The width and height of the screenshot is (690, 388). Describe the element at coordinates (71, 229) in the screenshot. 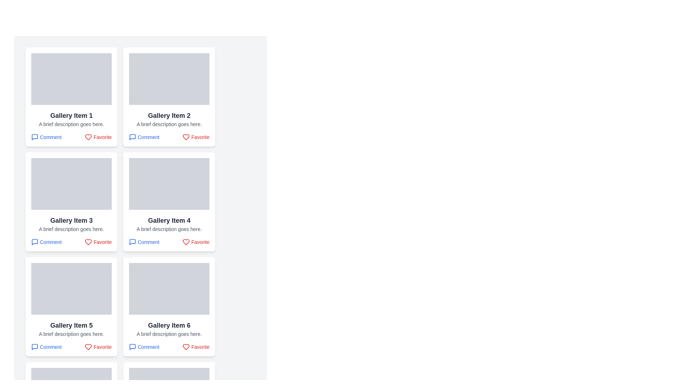

I see `descriptive text label located directly under the title 'Gallery Item 3' in the third gallery card of the left column` at that location.